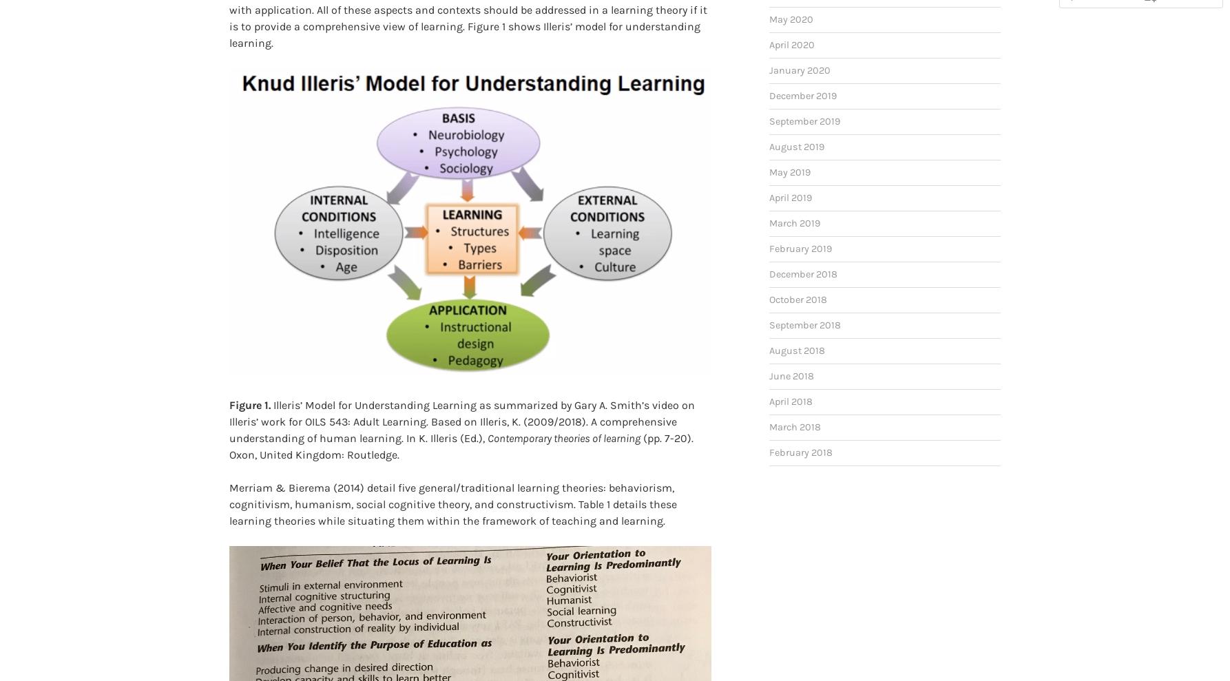 The height and width of the screenshot is (681, 1230). I want to click on 'September 2019', so click(804, 98).